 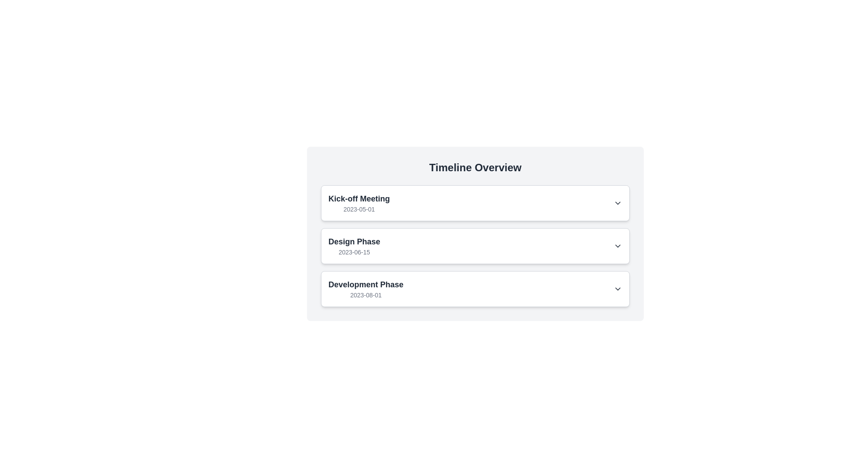 I want to click on the 'Design Phase' milestone card in the 'Timeline Overview', so click(x=475, y=233).